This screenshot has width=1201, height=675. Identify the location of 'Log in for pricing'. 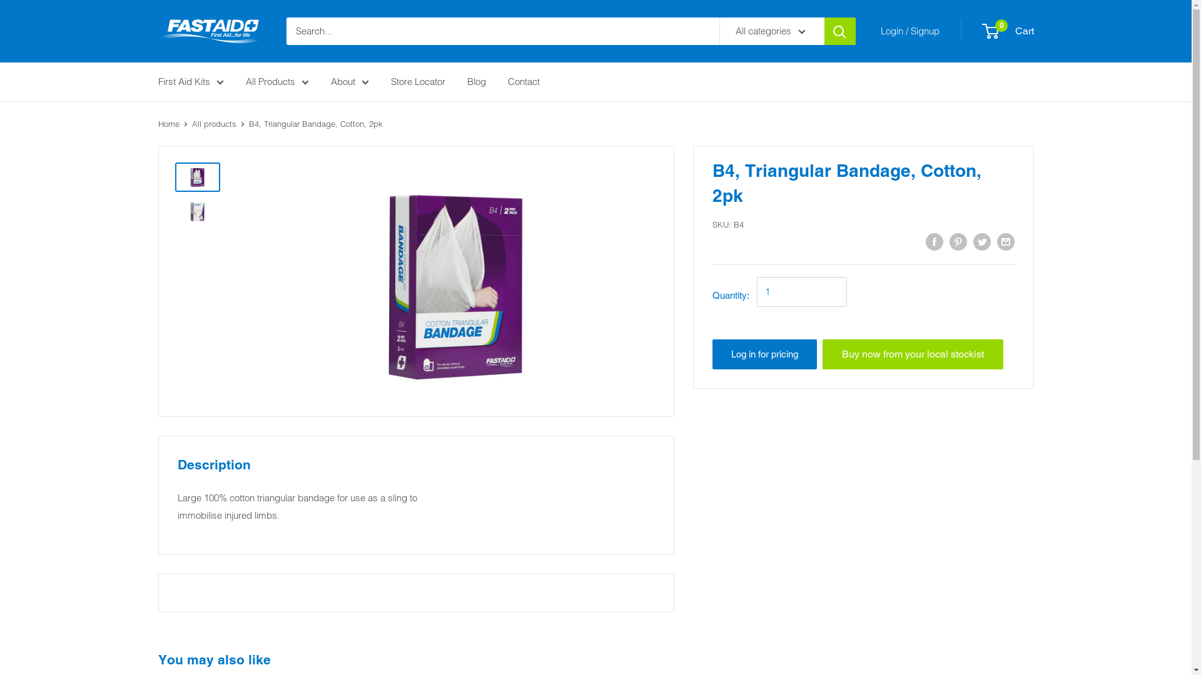
(763, 354).